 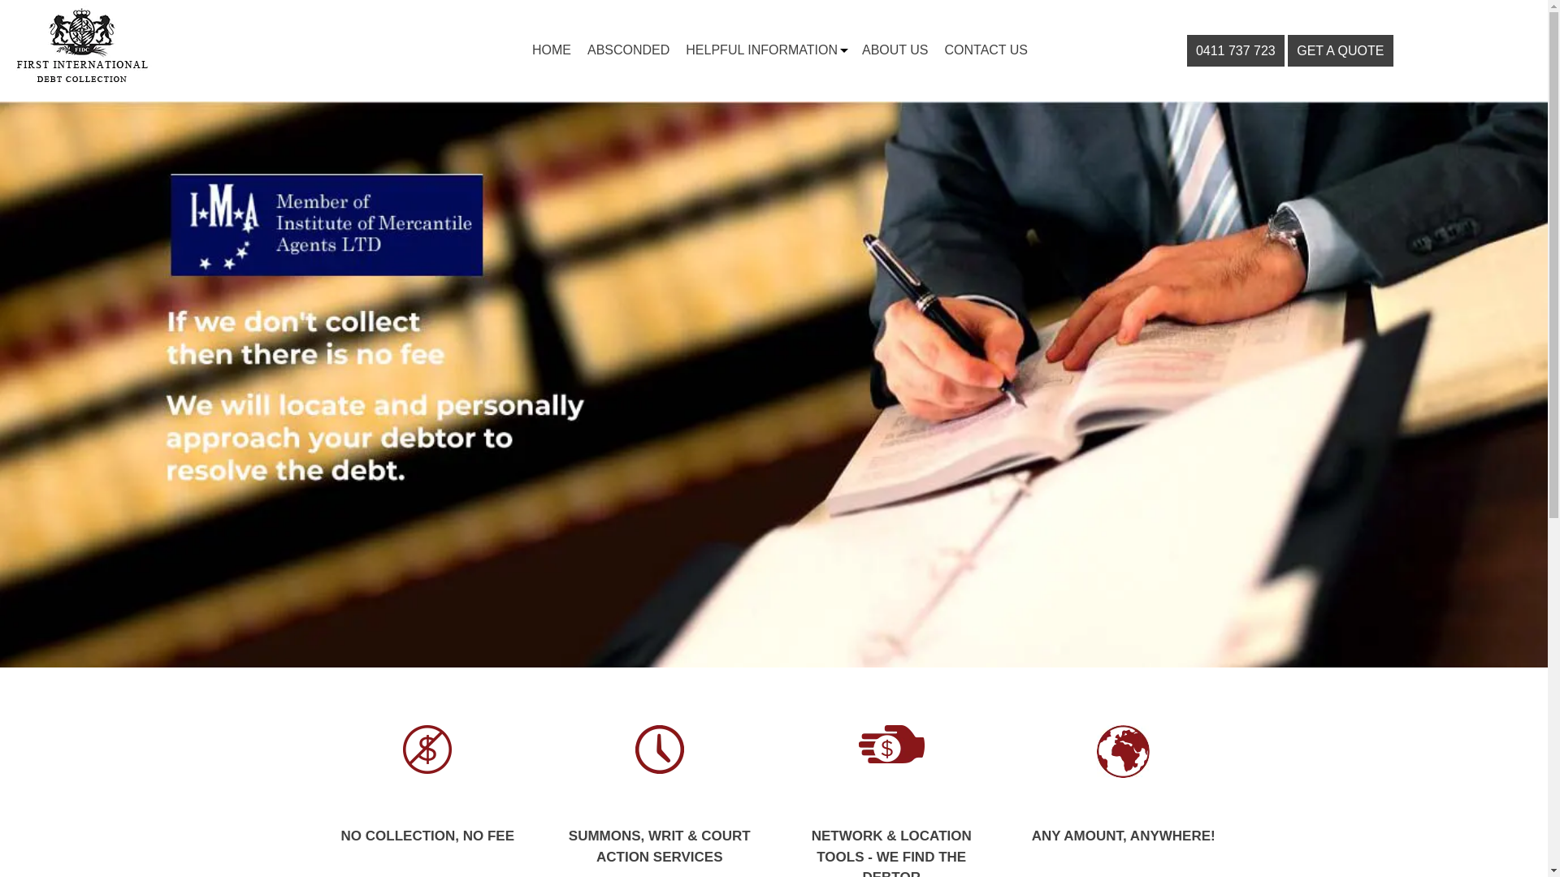 I want to click on 'ABOUT US', so click(x=895, y=49).